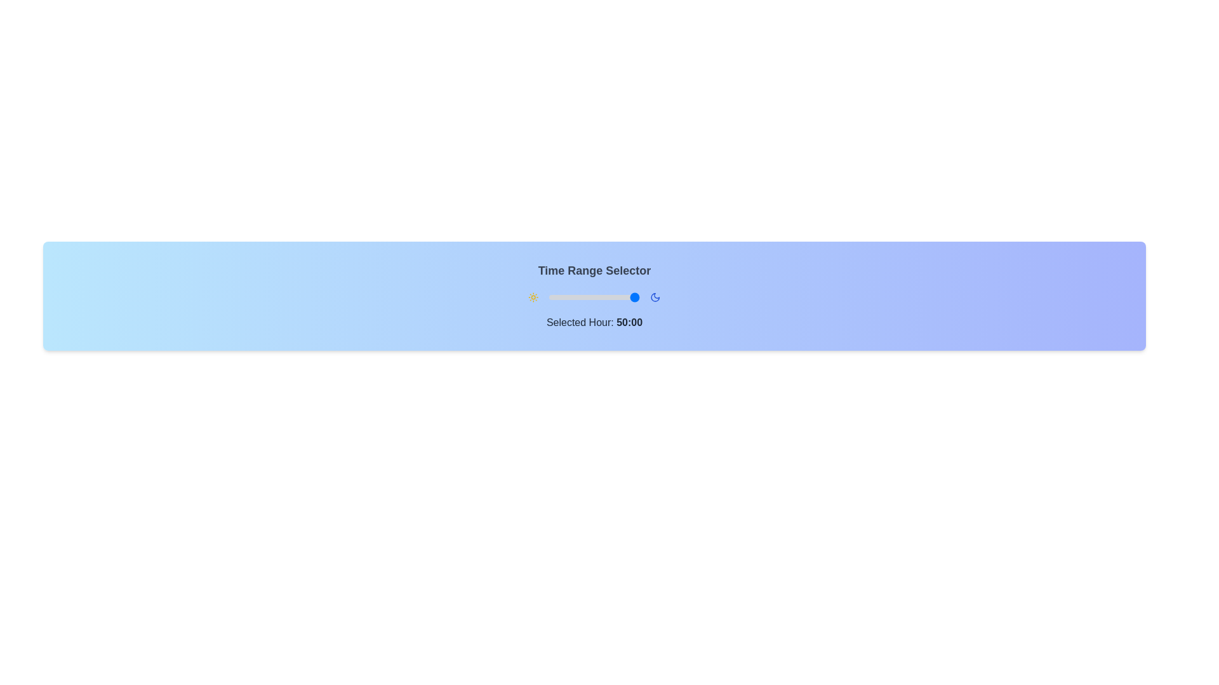 The height and width of the screenshot is (685, 1219). Describe the element at coordinates (564, 297) in the screenshot. I see `the time range slider to set the time to 5` at that location.